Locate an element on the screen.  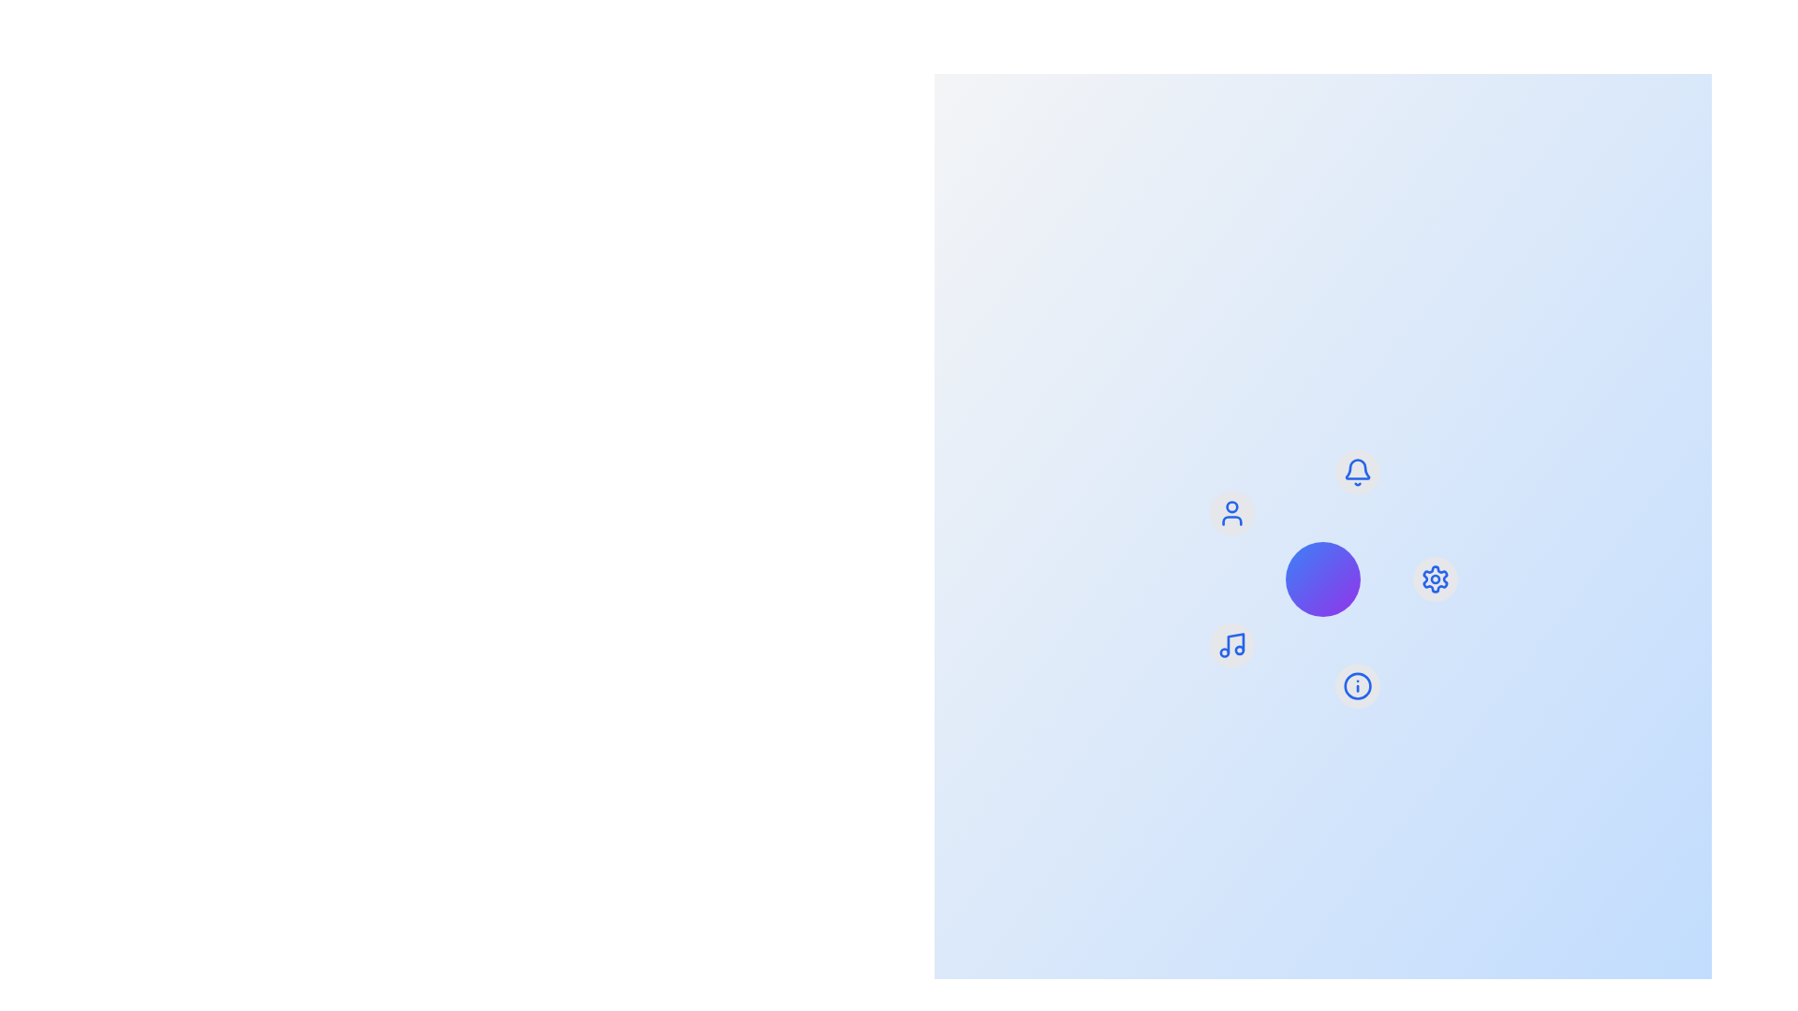
the menu item labeled Notifications by clicking its corresponding icon is located at coordinates (1357, 471).